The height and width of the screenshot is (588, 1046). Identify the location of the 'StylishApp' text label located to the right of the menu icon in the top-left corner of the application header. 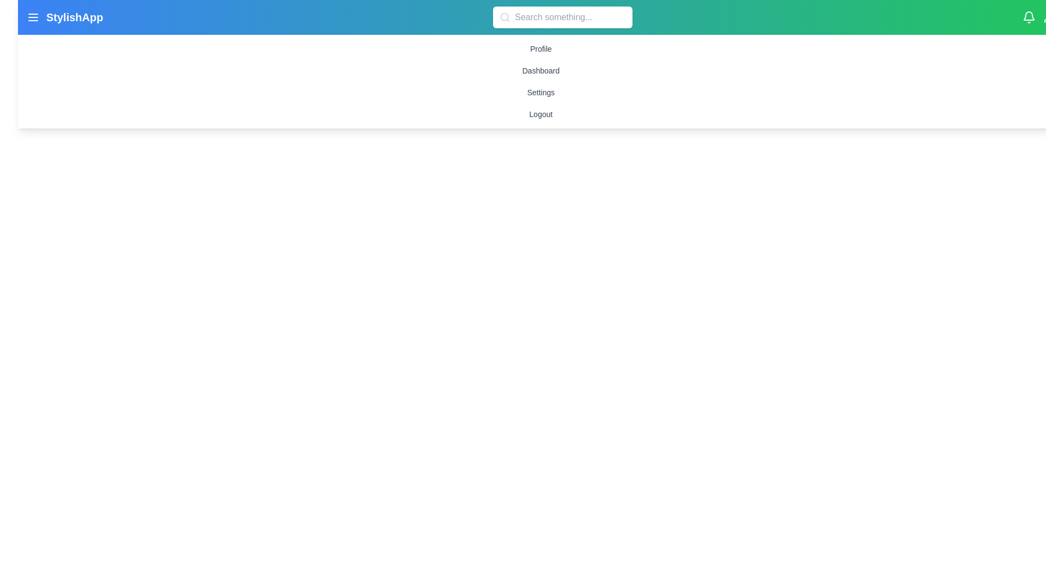
(74, 17).